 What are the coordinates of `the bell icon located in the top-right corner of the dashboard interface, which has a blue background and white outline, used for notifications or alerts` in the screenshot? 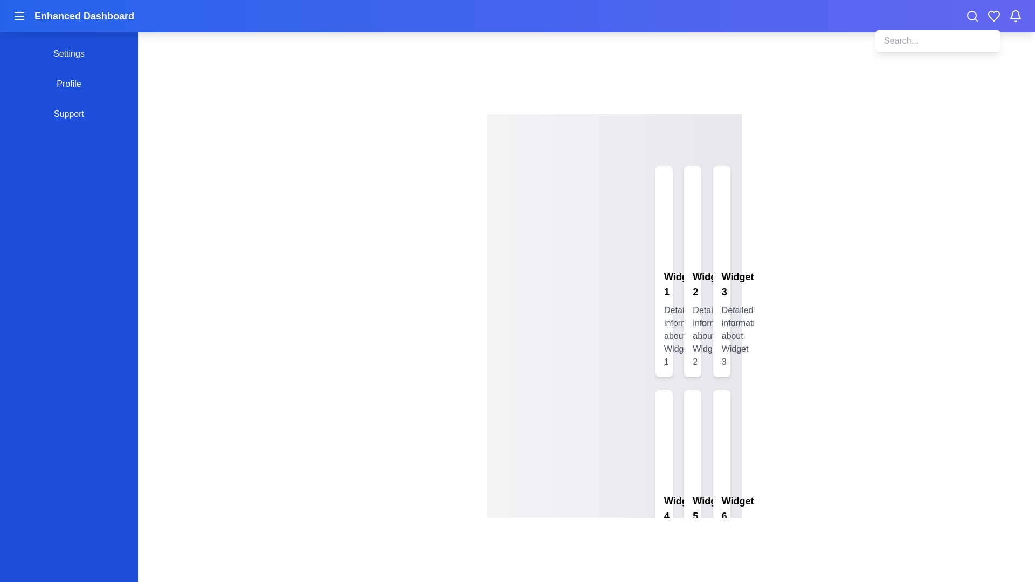 It's located at (1015, 15).